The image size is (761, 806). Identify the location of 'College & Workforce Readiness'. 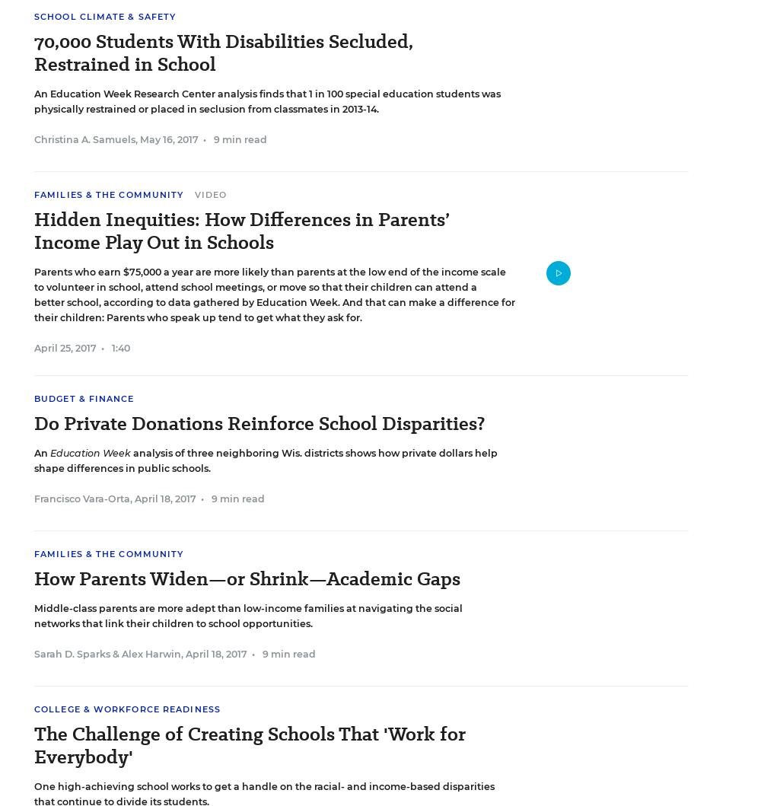
(127, 709).